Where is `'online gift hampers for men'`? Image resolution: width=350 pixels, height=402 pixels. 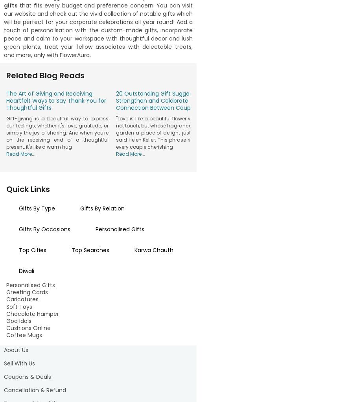 'online gift hampers for men' is located at coordinates (58, 179).